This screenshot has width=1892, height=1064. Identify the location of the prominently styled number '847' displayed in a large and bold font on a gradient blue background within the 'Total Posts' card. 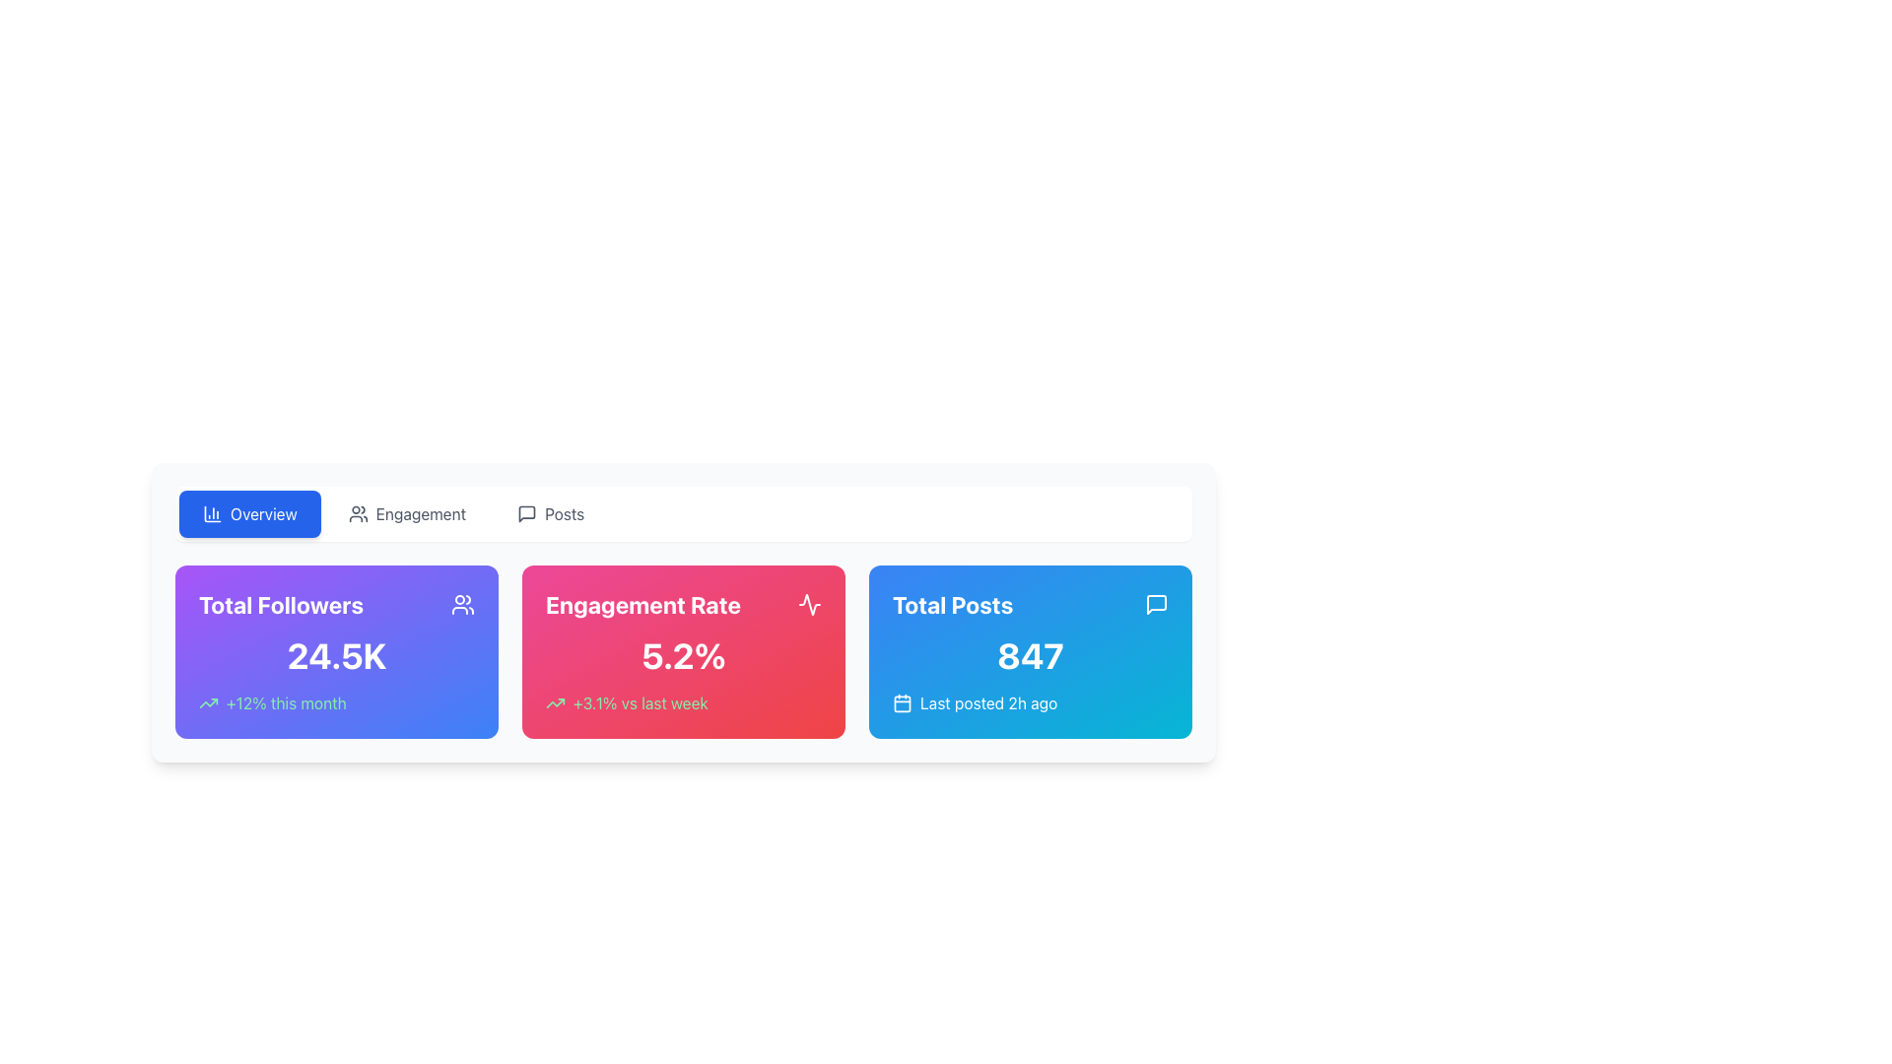
(1030, 656).